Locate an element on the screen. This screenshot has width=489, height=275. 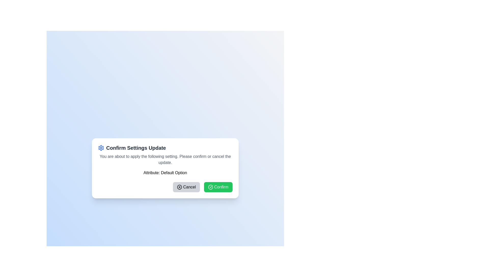
the 'Confirm' button that contains the green circular checkmark icon located in the bottom-right section of the modal dialog box is located at coordinates (210, 187).